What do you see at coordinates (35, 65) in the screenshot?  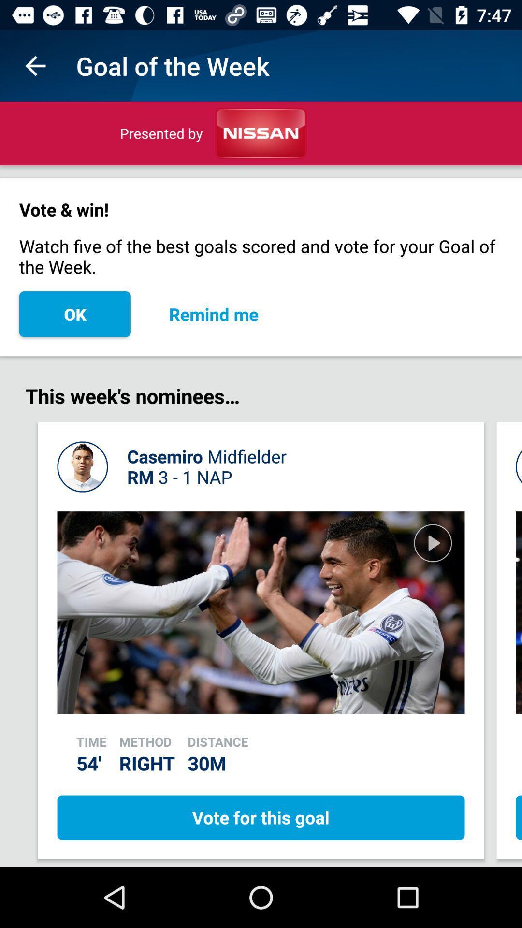 I see `go back` at bounding box center [35, 65].